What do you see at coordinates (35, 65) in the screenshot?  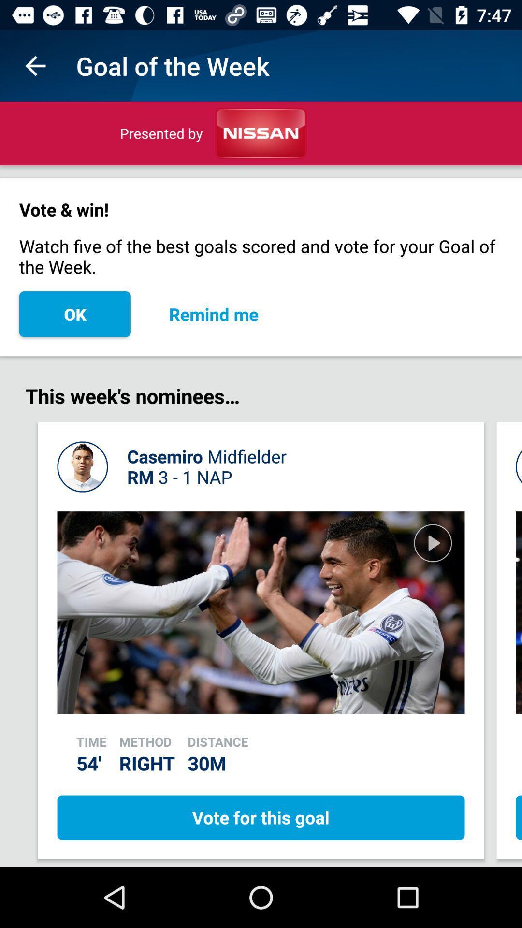 I see `go back` at bounding box center [35, 65].